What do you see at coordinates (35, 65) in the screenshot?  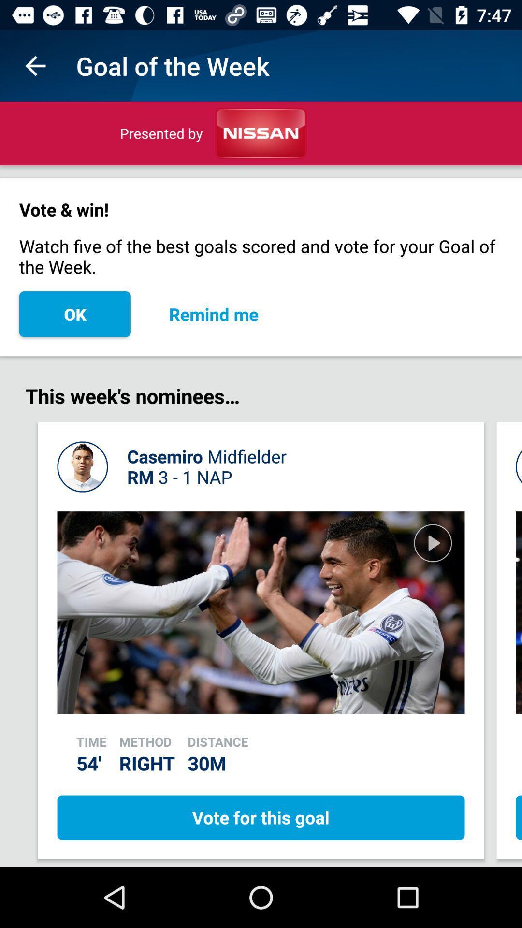 I see `go back` at bounding box center [35, 65].